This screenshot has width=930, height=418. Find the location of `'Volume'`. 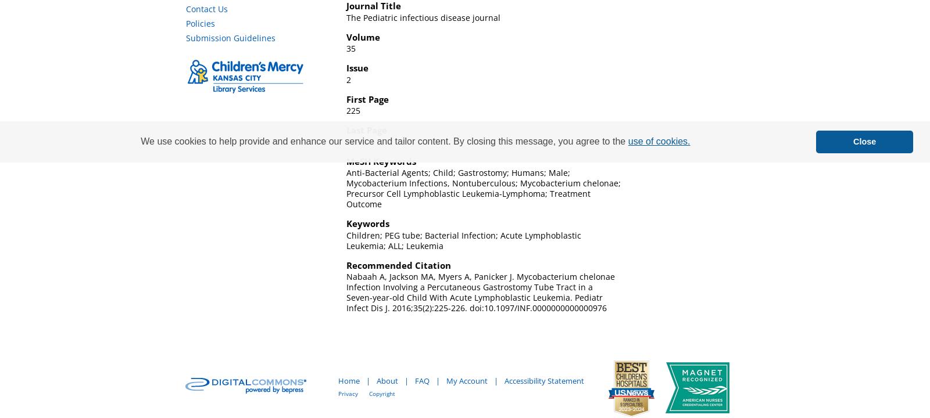

'Volume' is located at coordinates (363, 35).